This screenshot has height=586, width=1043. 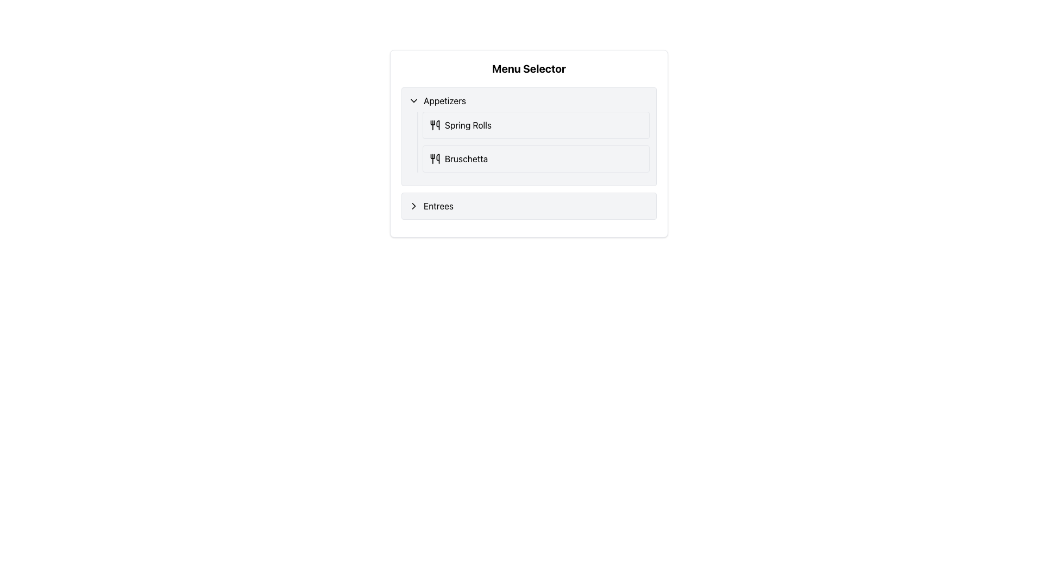 I want to click on the chevron icon located to the left of the 'Entrees' text, so click(x=413, y=206).